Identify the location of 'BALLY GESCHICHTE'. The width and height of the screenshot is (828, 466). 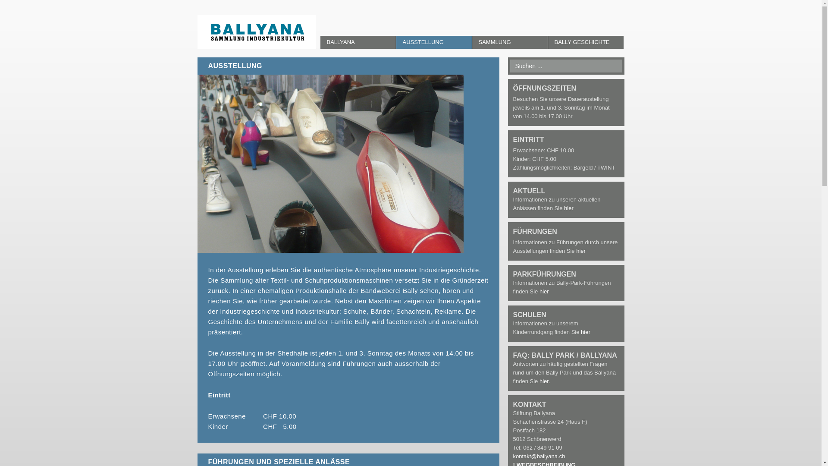
(585, 42).